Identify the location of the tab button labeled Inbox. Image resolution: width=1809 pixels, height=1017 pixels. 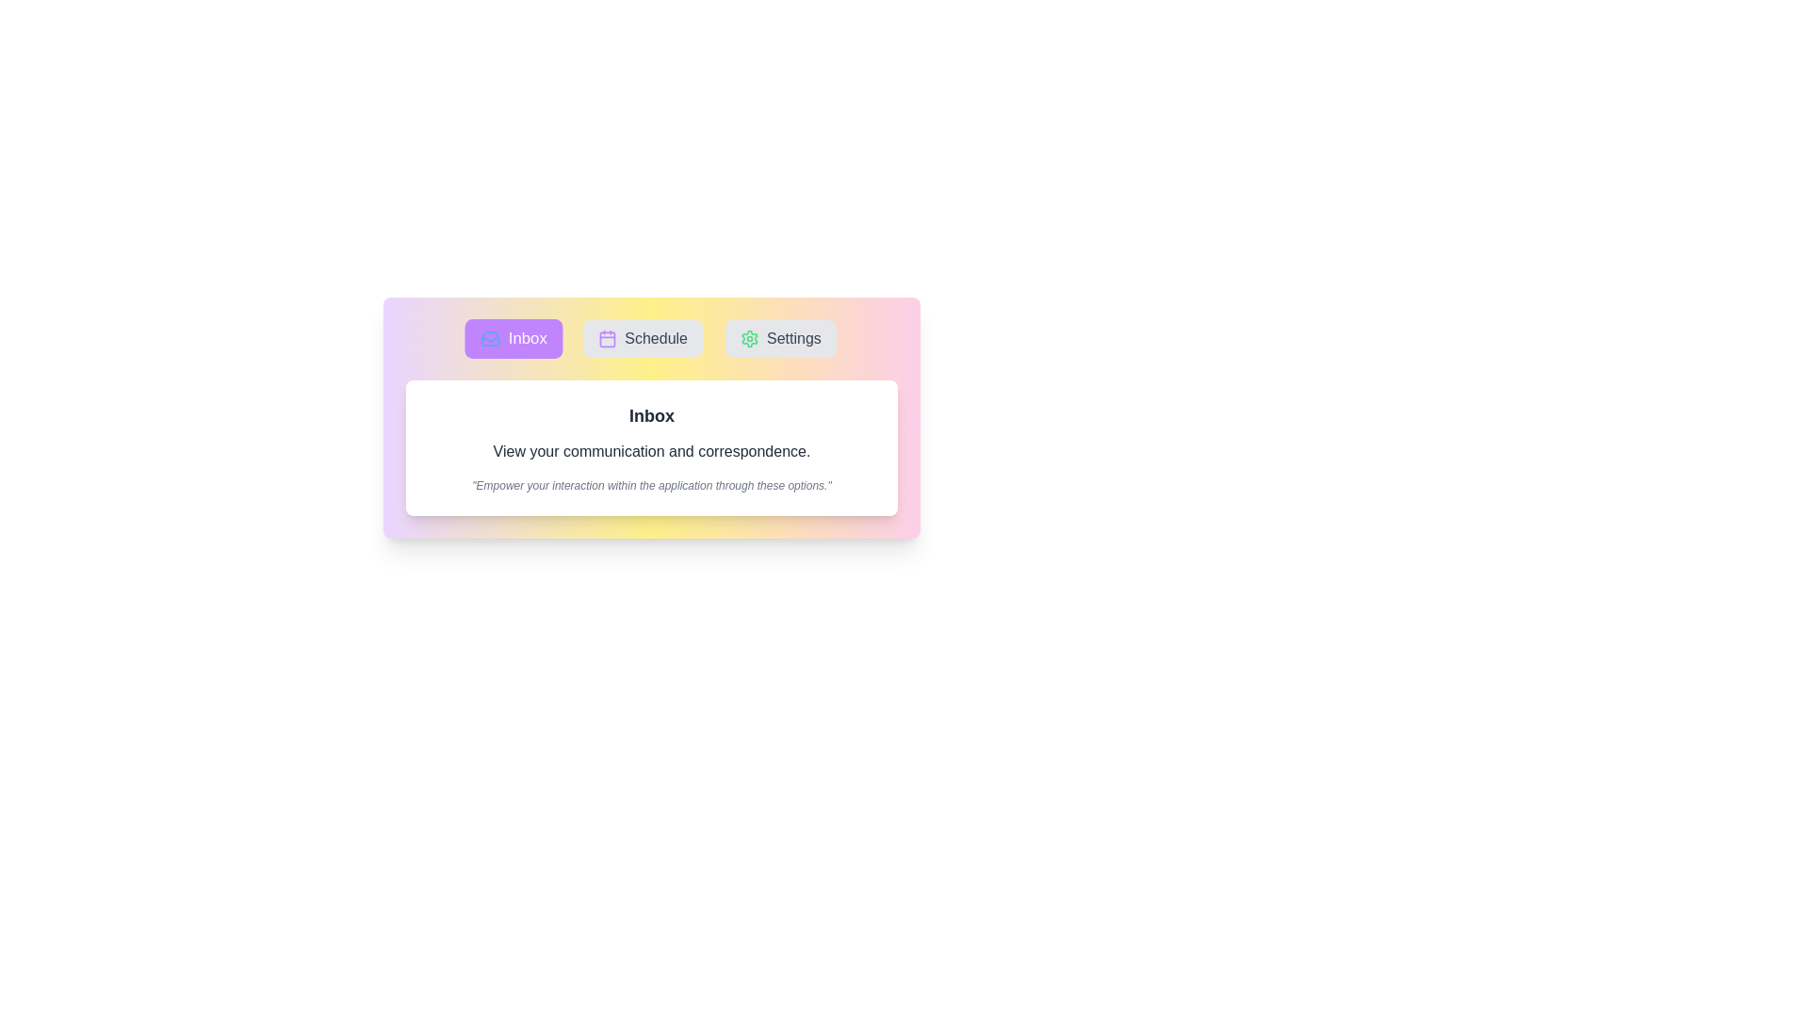
(513, 337).